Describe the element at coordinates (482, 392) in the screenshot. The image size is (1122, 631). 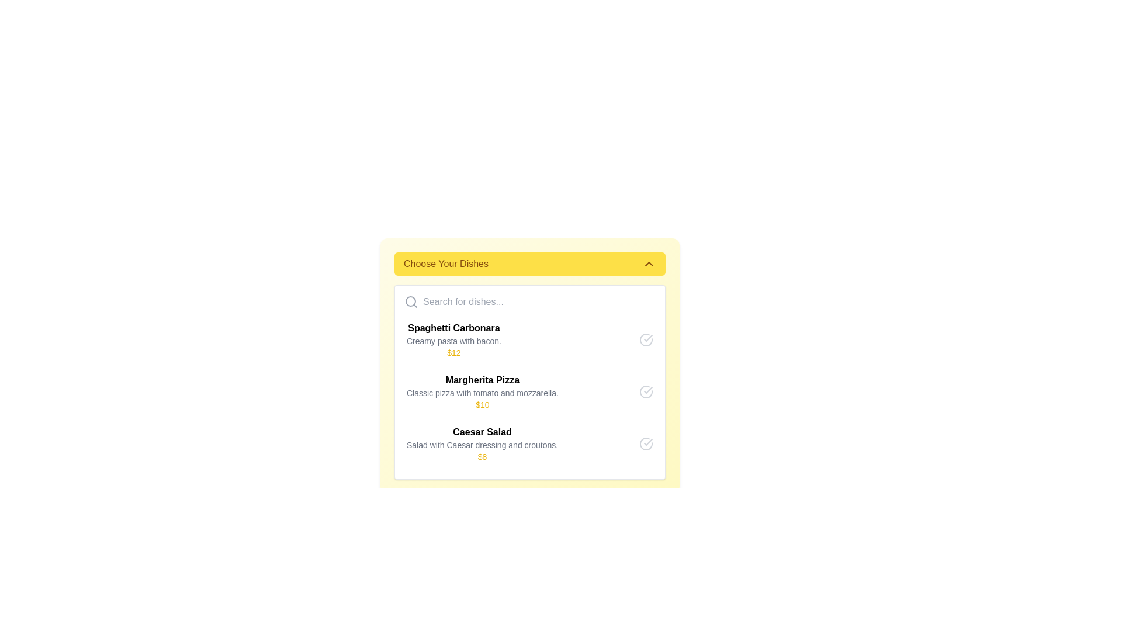
I see `the List Item element displaying 'Margherita Pizza'` at that location.